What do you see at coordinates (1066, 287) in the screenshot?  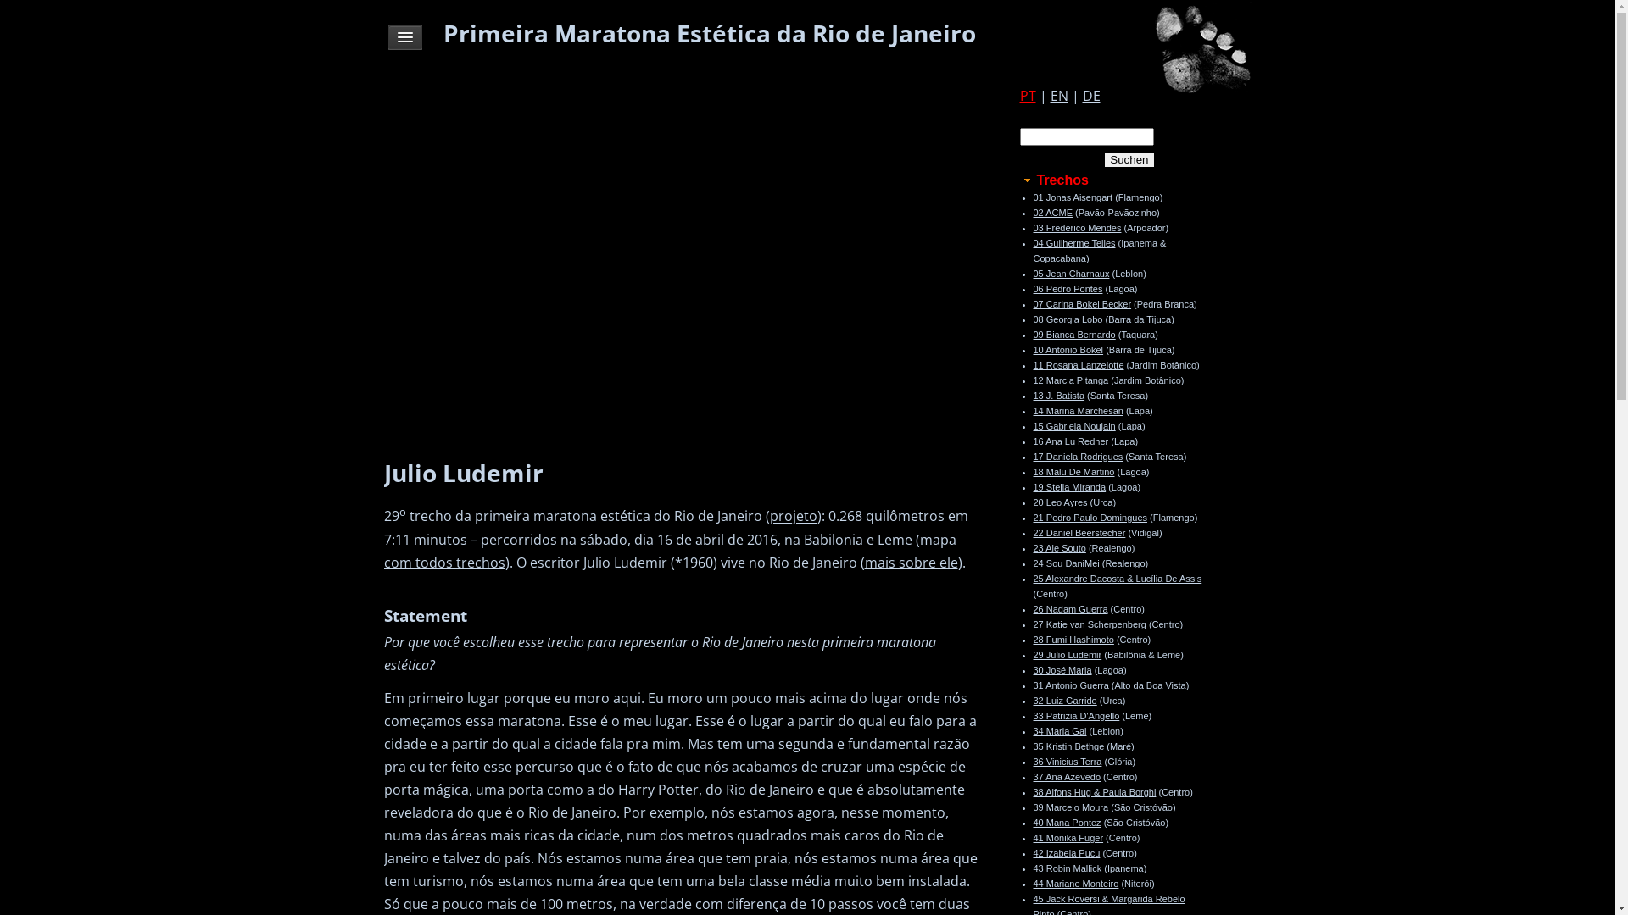 I see `'06 Pedro Pontes'` at bounding box center [1066, 287].